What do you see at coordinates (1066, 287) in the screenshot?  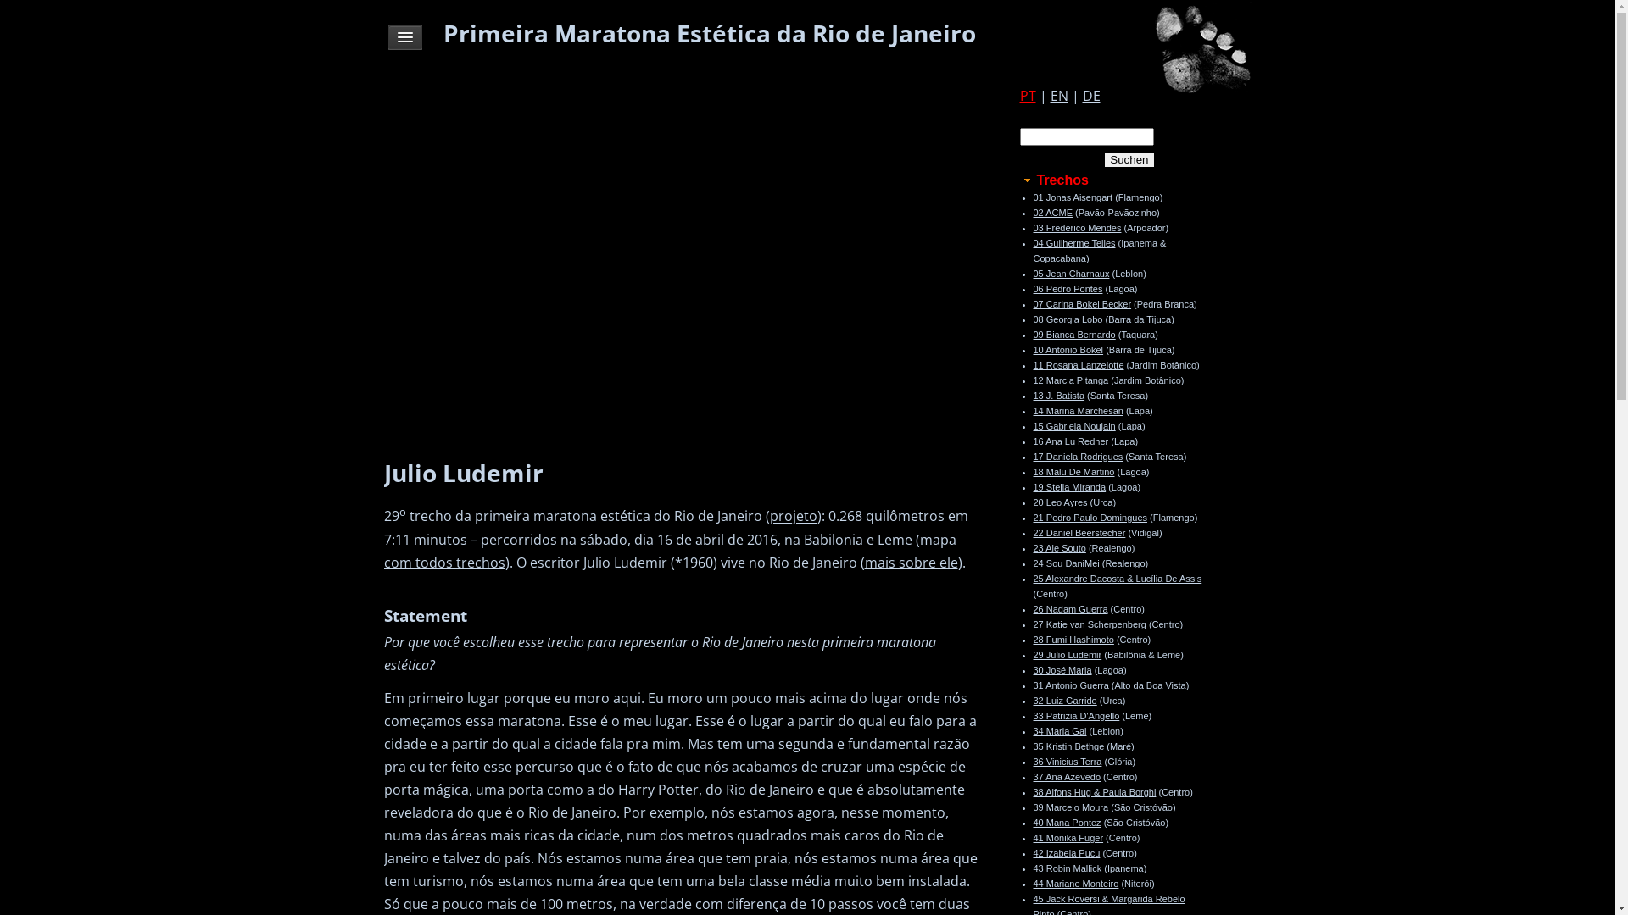 I see `'06 Pedro Pontes'` at bounding box center [1066, 287].